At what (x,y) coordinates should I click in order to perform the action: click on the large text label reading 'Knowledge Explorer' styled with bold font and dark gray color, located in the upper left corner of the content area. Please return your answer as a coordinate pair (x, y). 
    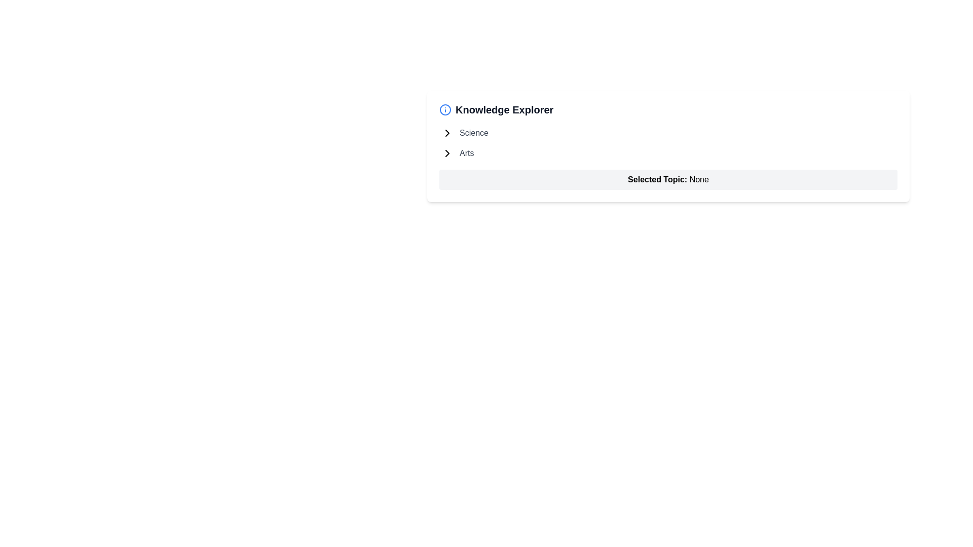
    Looking at the image, I should click on (504, 109).